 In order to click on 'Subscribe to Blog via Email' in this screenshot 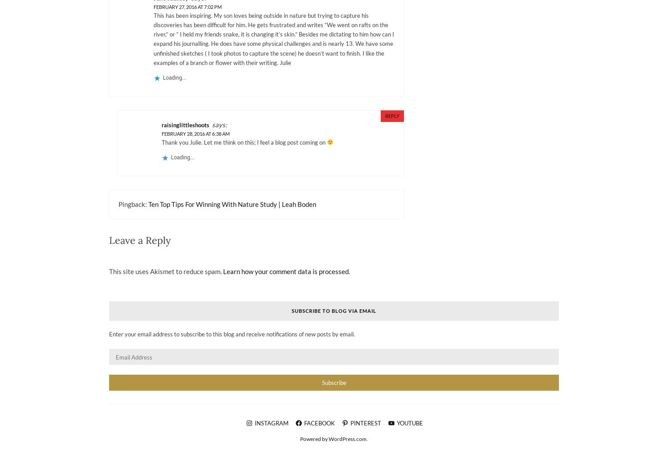, I will do `click(334, 311)`.